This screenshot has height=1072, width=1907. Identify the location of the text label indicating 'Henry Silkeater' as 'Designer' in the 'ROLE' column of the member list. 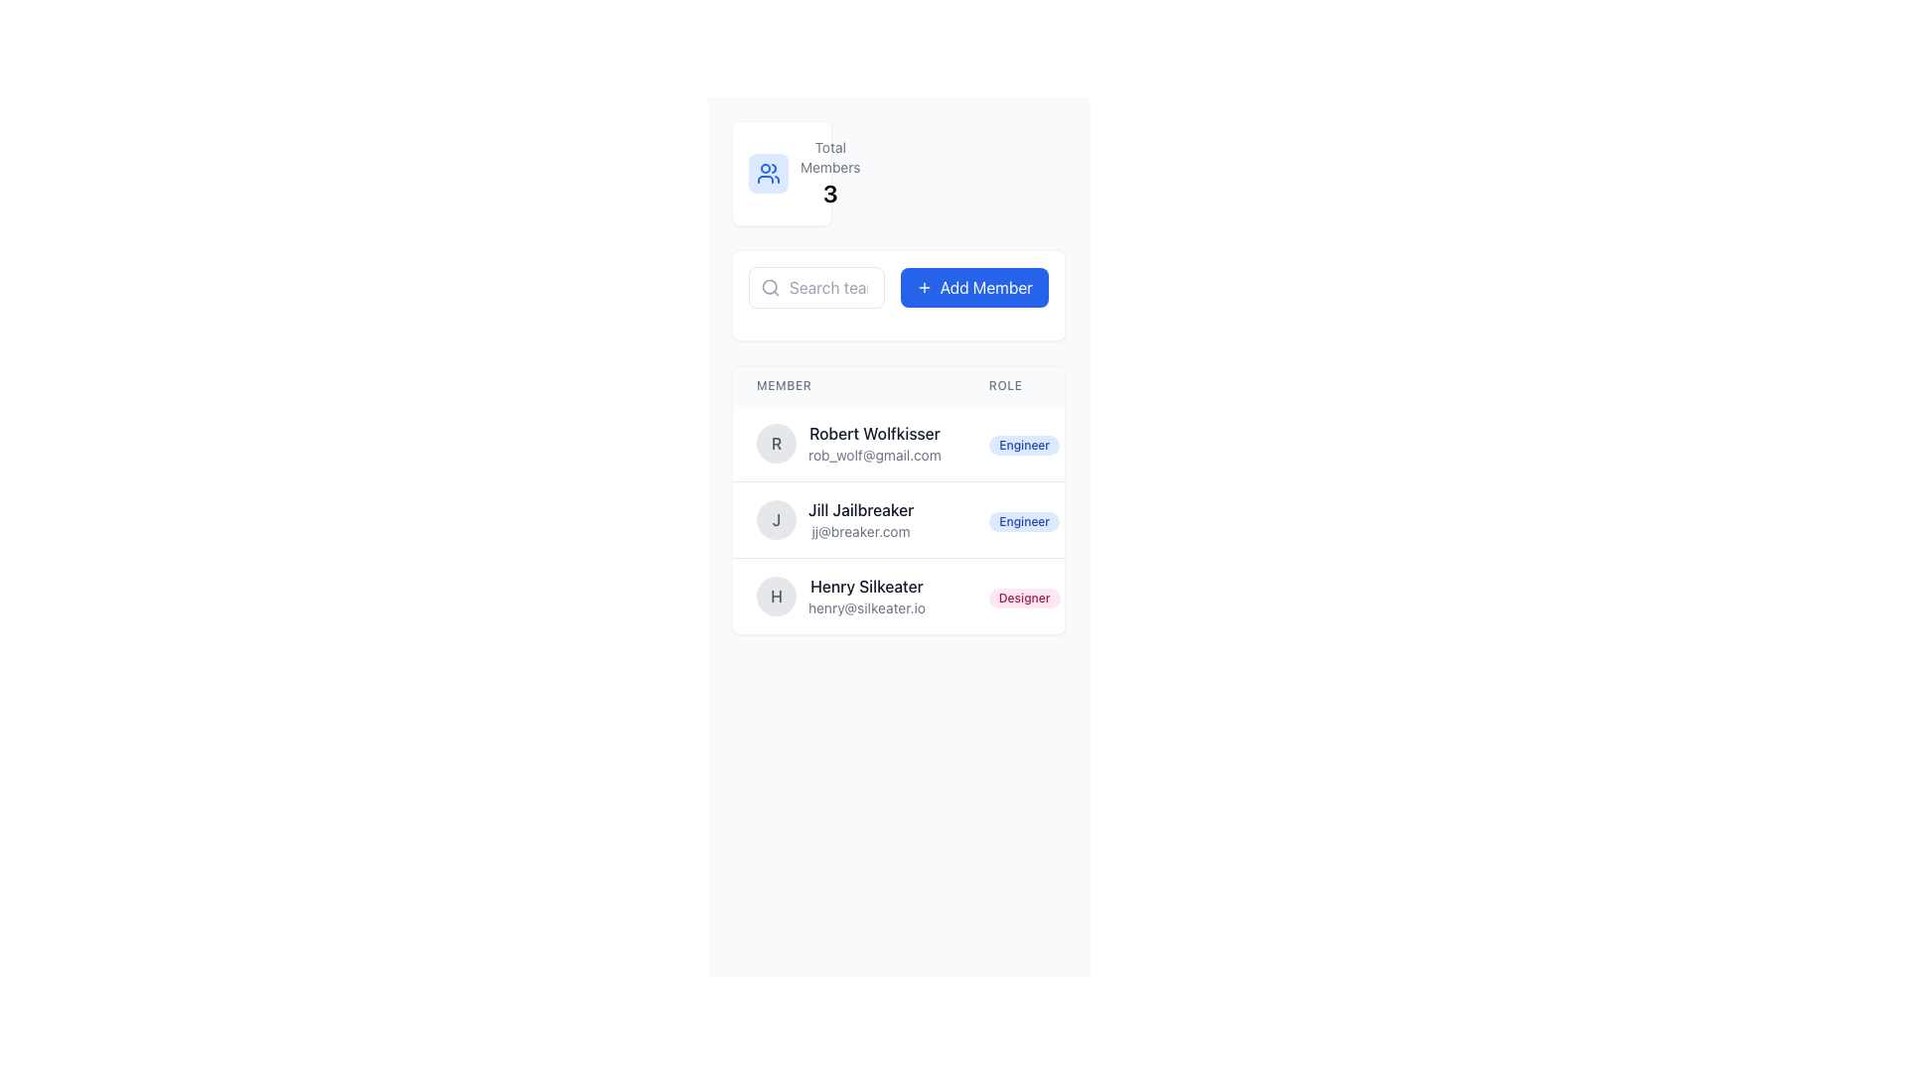
(1024, 597).